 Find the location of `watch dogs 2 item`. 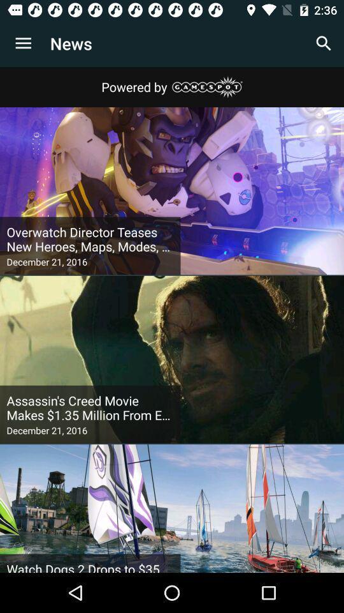

watch dogs 2 item is located at coordinates (89, 566).